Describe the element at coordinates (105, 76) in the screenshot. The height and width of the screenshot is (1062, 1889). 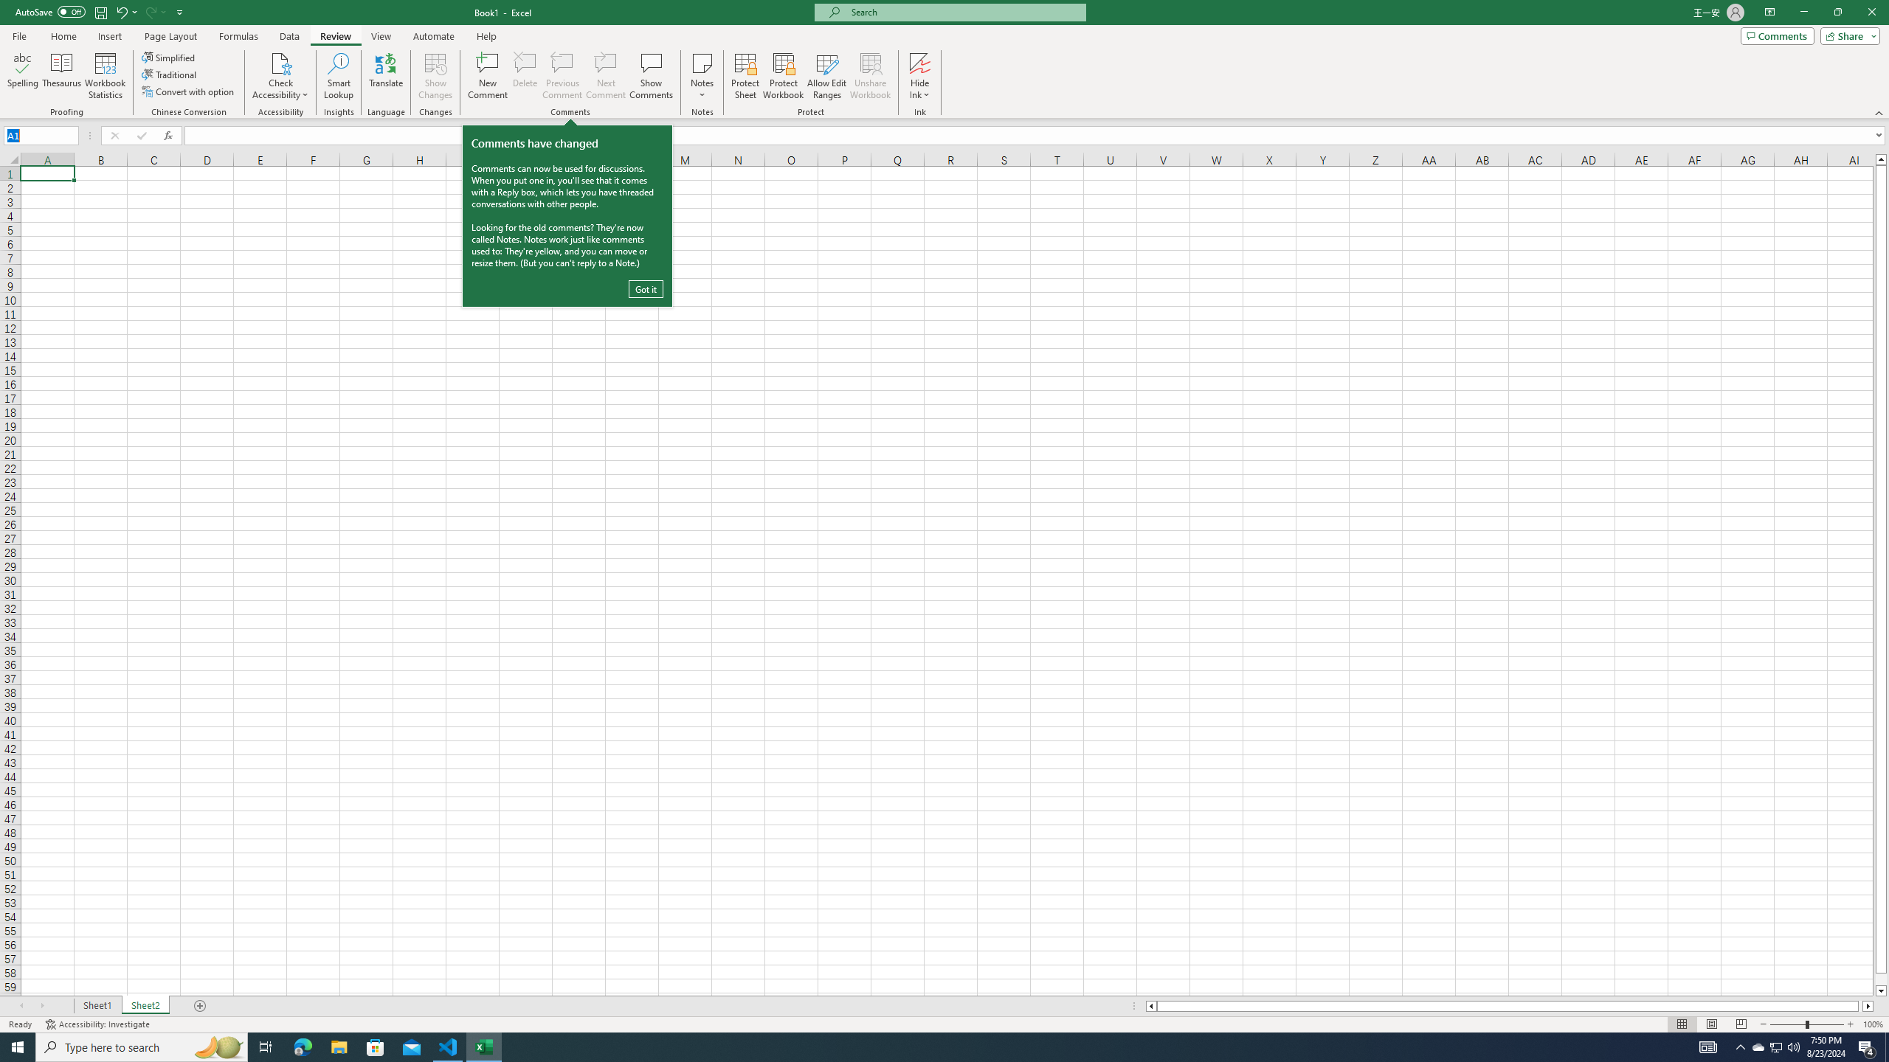
I see `'Workbook Statistics'` at that location.